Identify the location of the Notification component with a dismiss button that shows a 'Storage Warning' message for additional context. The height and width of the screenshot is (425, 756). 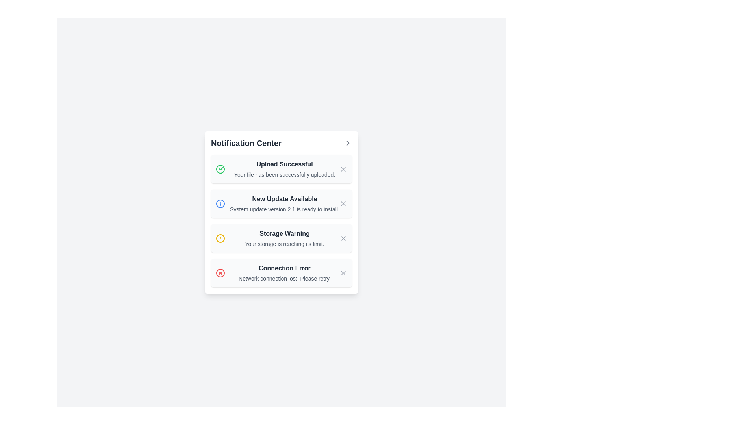
(282, 238).